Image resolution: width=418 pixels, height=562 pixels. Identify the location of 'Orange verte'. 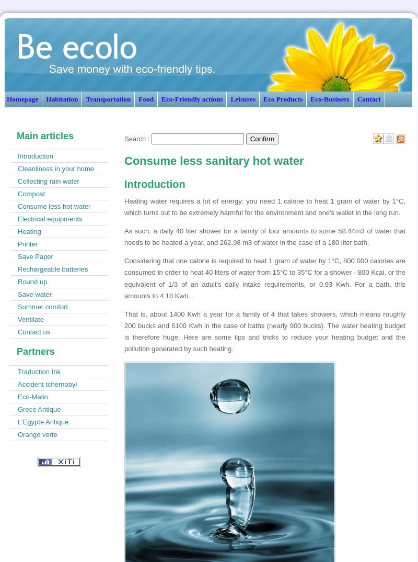
(37, 434).